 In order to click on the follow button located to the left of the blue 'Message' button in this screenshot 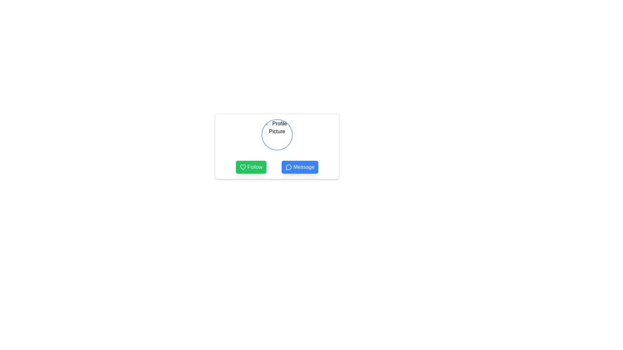, I will do `click(250, 167)`.